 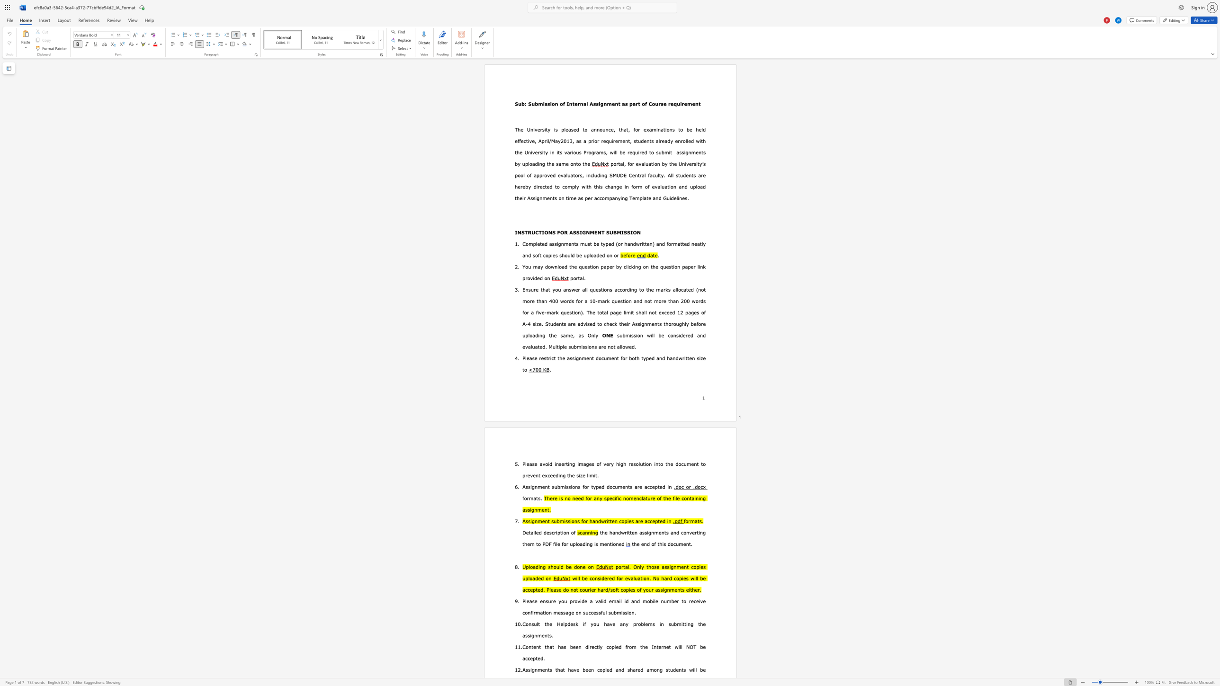 I want to click on the subset text "n)" within the text "(or handwritten)", so click(x=649, y=244).